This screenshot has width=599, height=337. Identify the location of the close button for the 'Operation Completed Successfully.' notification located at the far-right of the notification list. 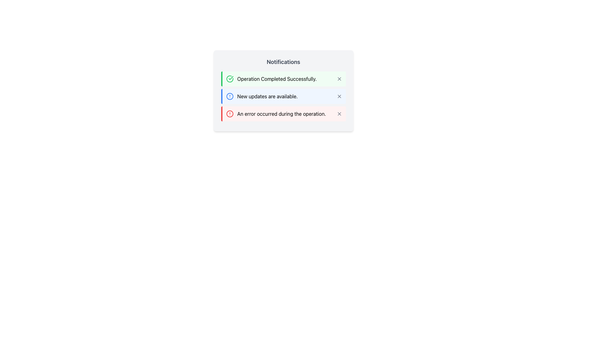
(339, 79).